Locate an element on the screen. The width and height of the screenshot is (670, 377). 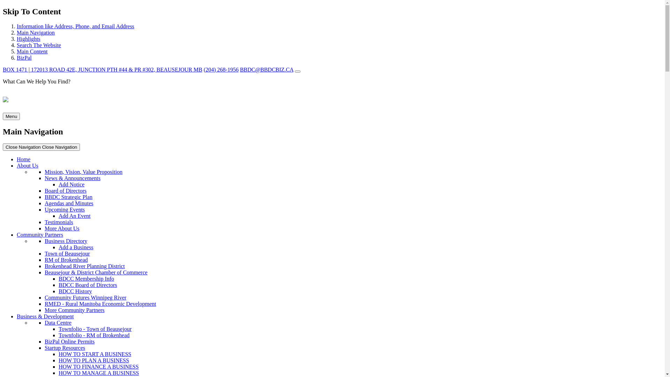
'Upcoming Events' is located at coordinates (44, 209).